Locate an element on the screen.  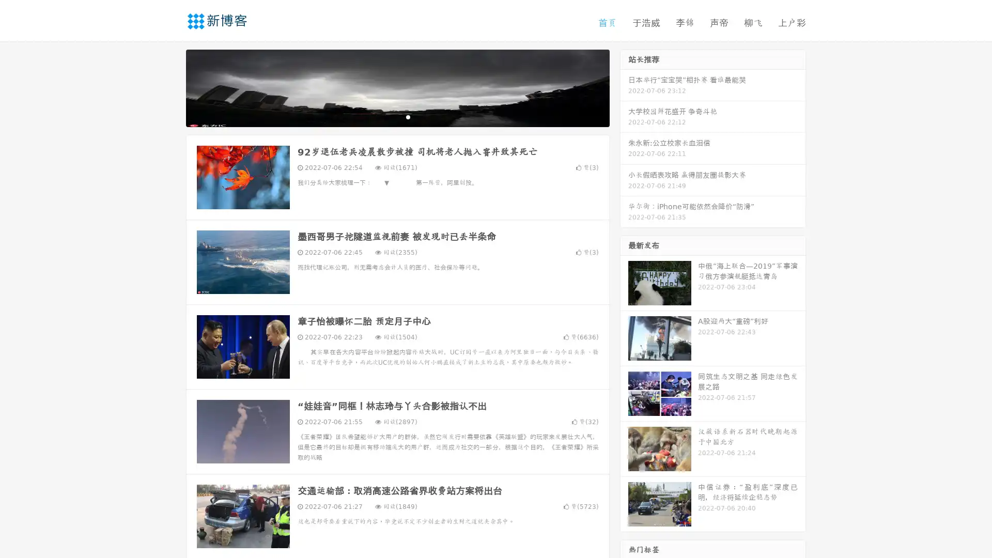
Next slide is located at coordinates (624, 87).